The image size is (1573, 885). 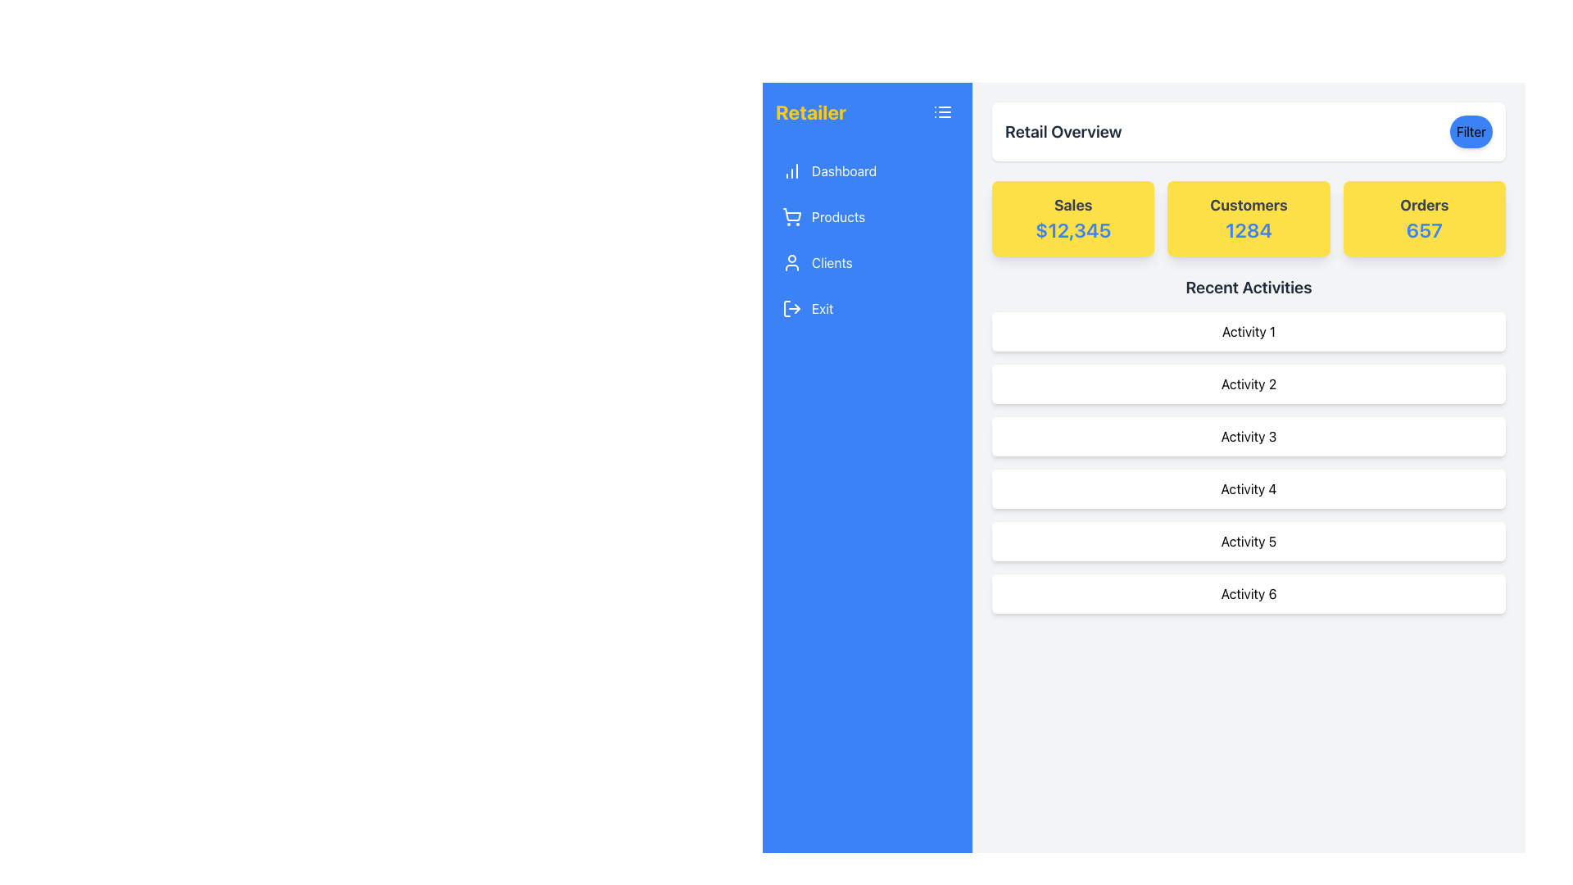 I want to click on the 'Clients' navigation button located in the left sidebar menu, positioned as the third item below 'Dashboard' and 'Products', so click(x=867, y=261).